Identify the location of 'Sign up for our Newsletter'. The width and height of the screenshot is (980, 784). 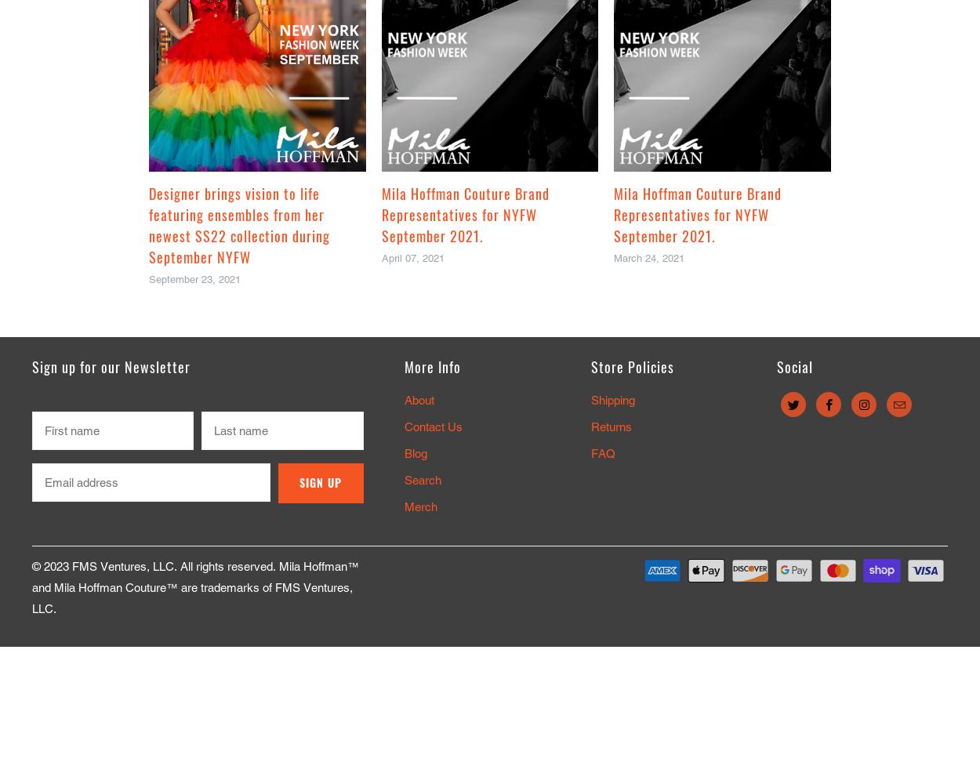
(111, 366).